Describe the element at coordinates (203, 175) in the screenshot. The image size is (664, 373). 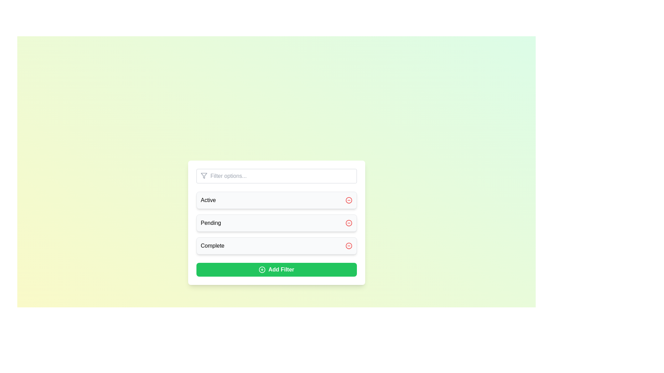
I see `the filter icon, a small gray funnel-shaped icon located in the upper section of the 'Filter options...' input field` at that location.